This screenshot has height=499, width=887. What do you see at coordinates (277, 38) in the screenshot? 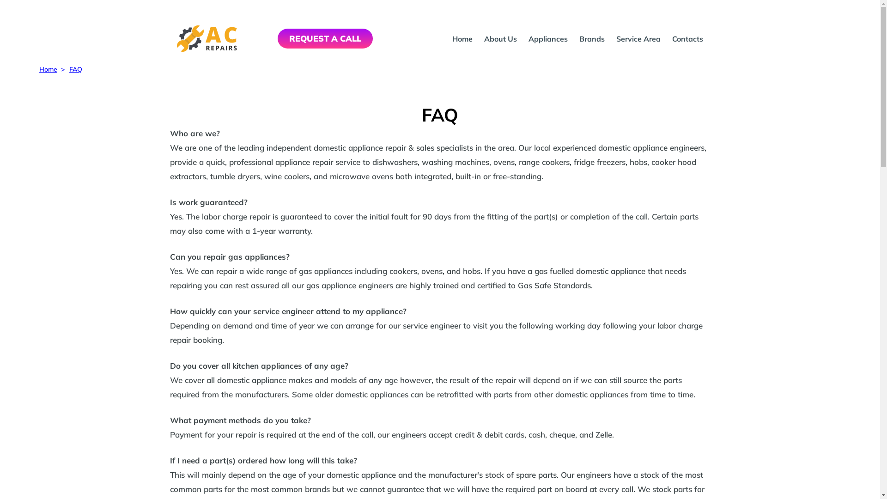
I see `'REQUEST A CALL'` at bounding box center [277, 38].